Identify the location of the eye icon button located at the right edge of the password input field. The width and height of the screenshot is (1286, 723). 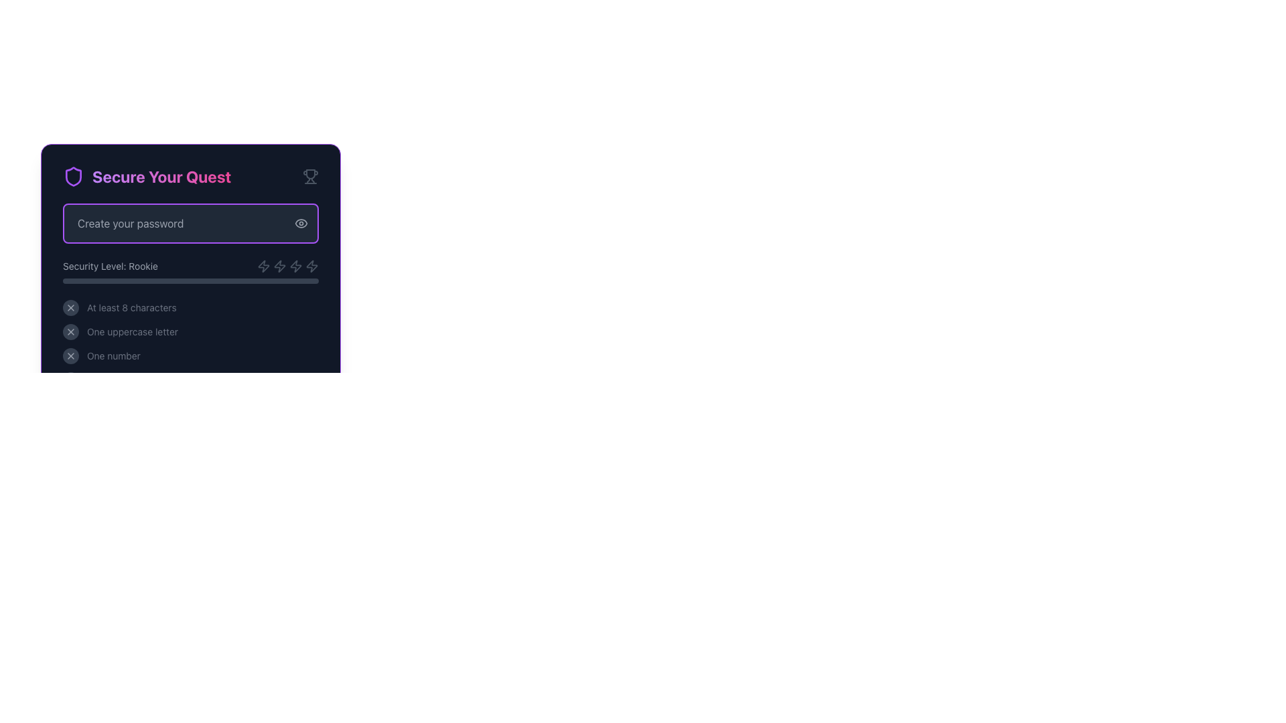
(301, 223).